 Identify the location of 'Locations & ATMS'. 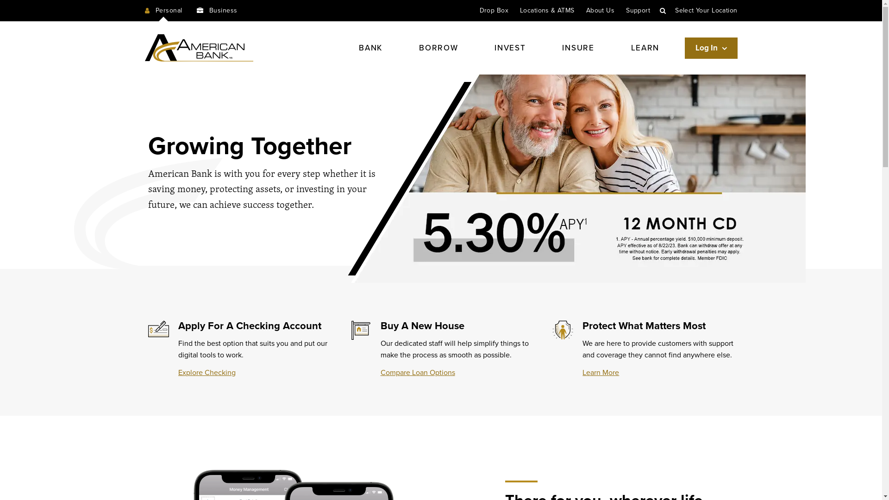
(547, 10).